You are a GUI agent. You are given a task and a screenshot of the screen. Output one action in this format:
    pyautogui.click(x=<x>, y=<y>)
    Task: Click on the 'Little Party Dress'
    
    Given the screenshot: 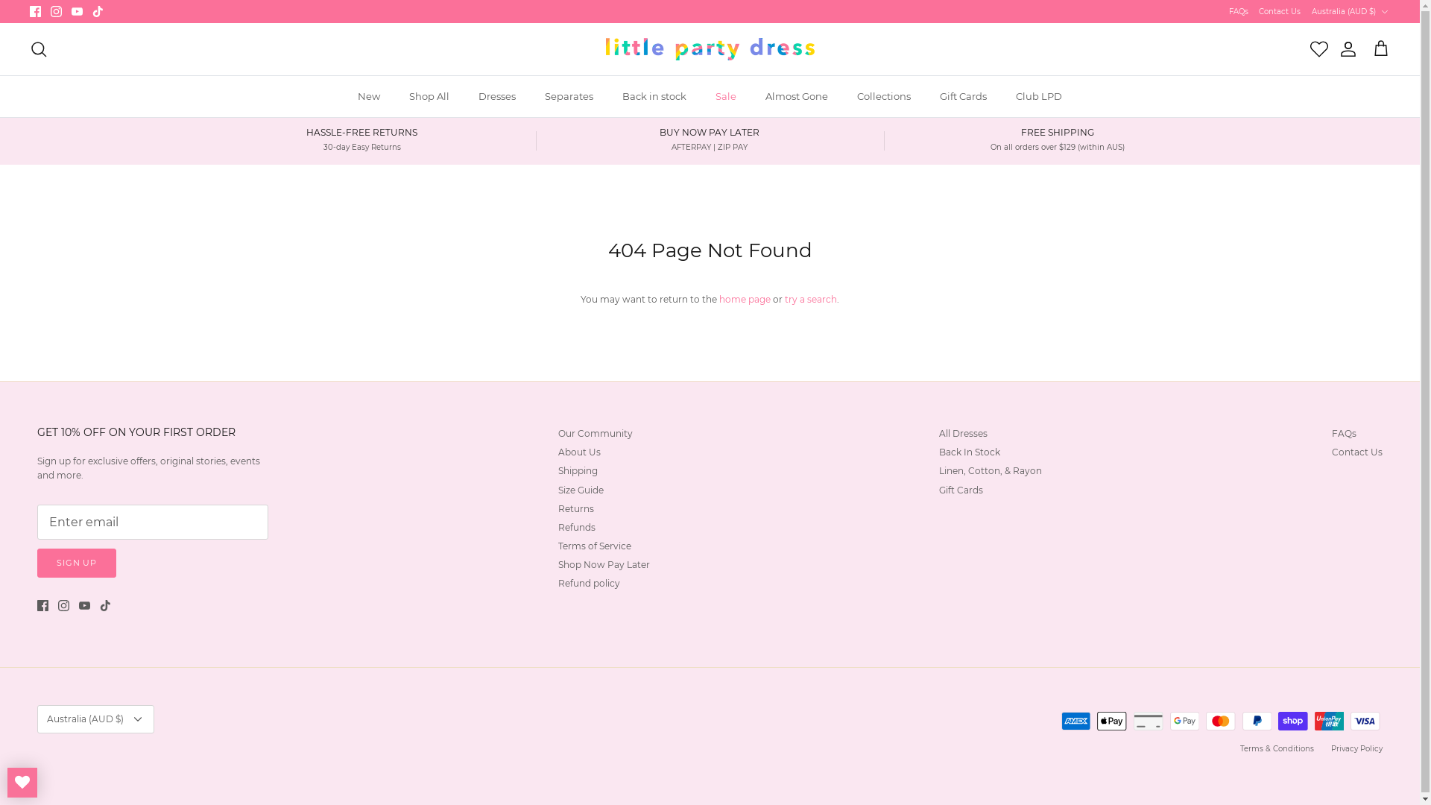 What is the action you would take?
    pyautogui.click(x=708, y=48)
    